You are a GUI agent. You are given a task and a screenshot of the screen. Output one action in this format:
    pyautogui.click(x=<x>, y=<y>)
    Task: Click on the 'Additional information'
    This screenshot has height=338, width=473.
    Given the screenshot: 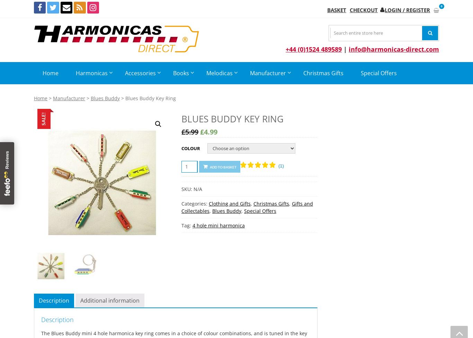 What is the action you would take?
    pyautogui.click(x=110, y=300)
    